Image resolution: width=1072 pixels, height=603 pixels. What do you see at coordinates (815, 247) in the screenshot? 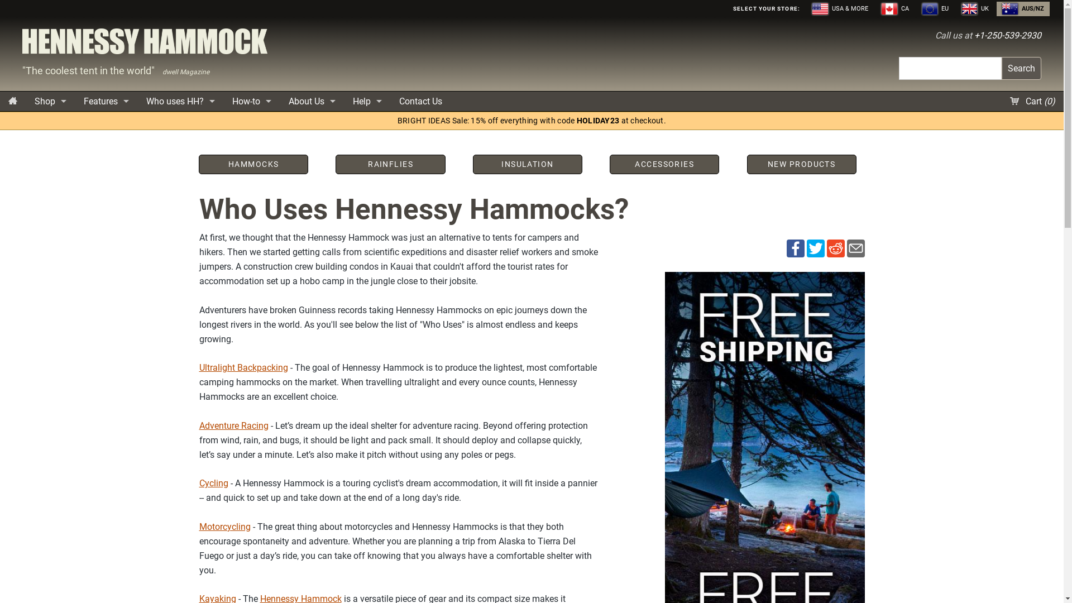
I see `'Tweet'` at bounding box center [815, 247].